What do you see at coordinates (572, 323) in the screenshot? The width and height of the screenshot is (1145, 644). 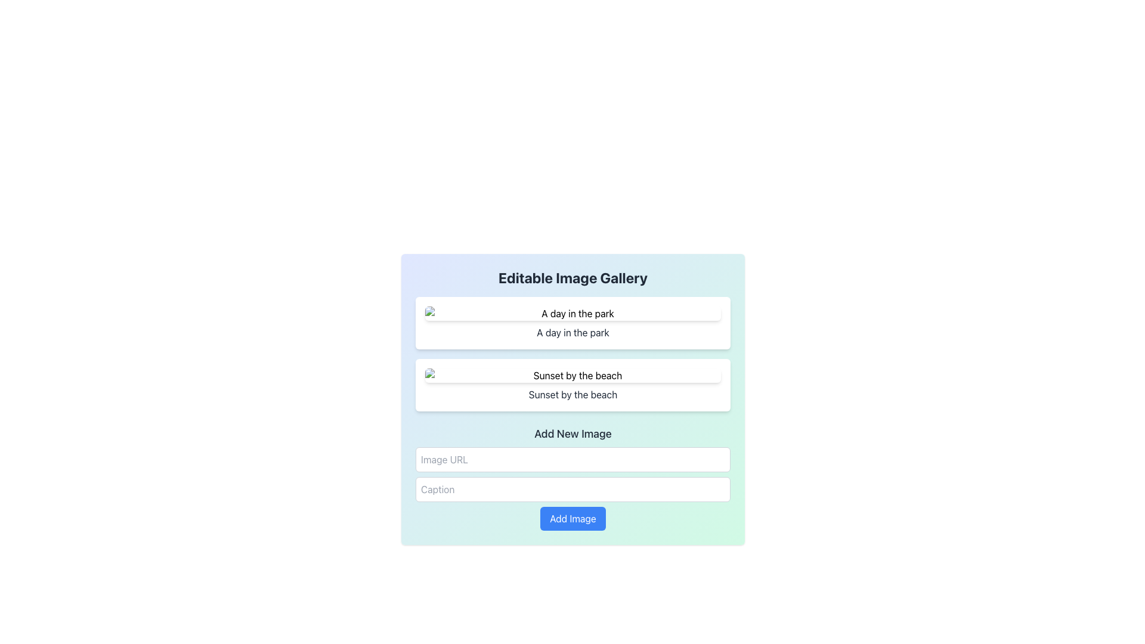 I see `the first image card in the gallery, which displays an entry with an associated image and descriptive text, located above the second card titled 'Sunset by the beach'` at bounding box center [572, 323].